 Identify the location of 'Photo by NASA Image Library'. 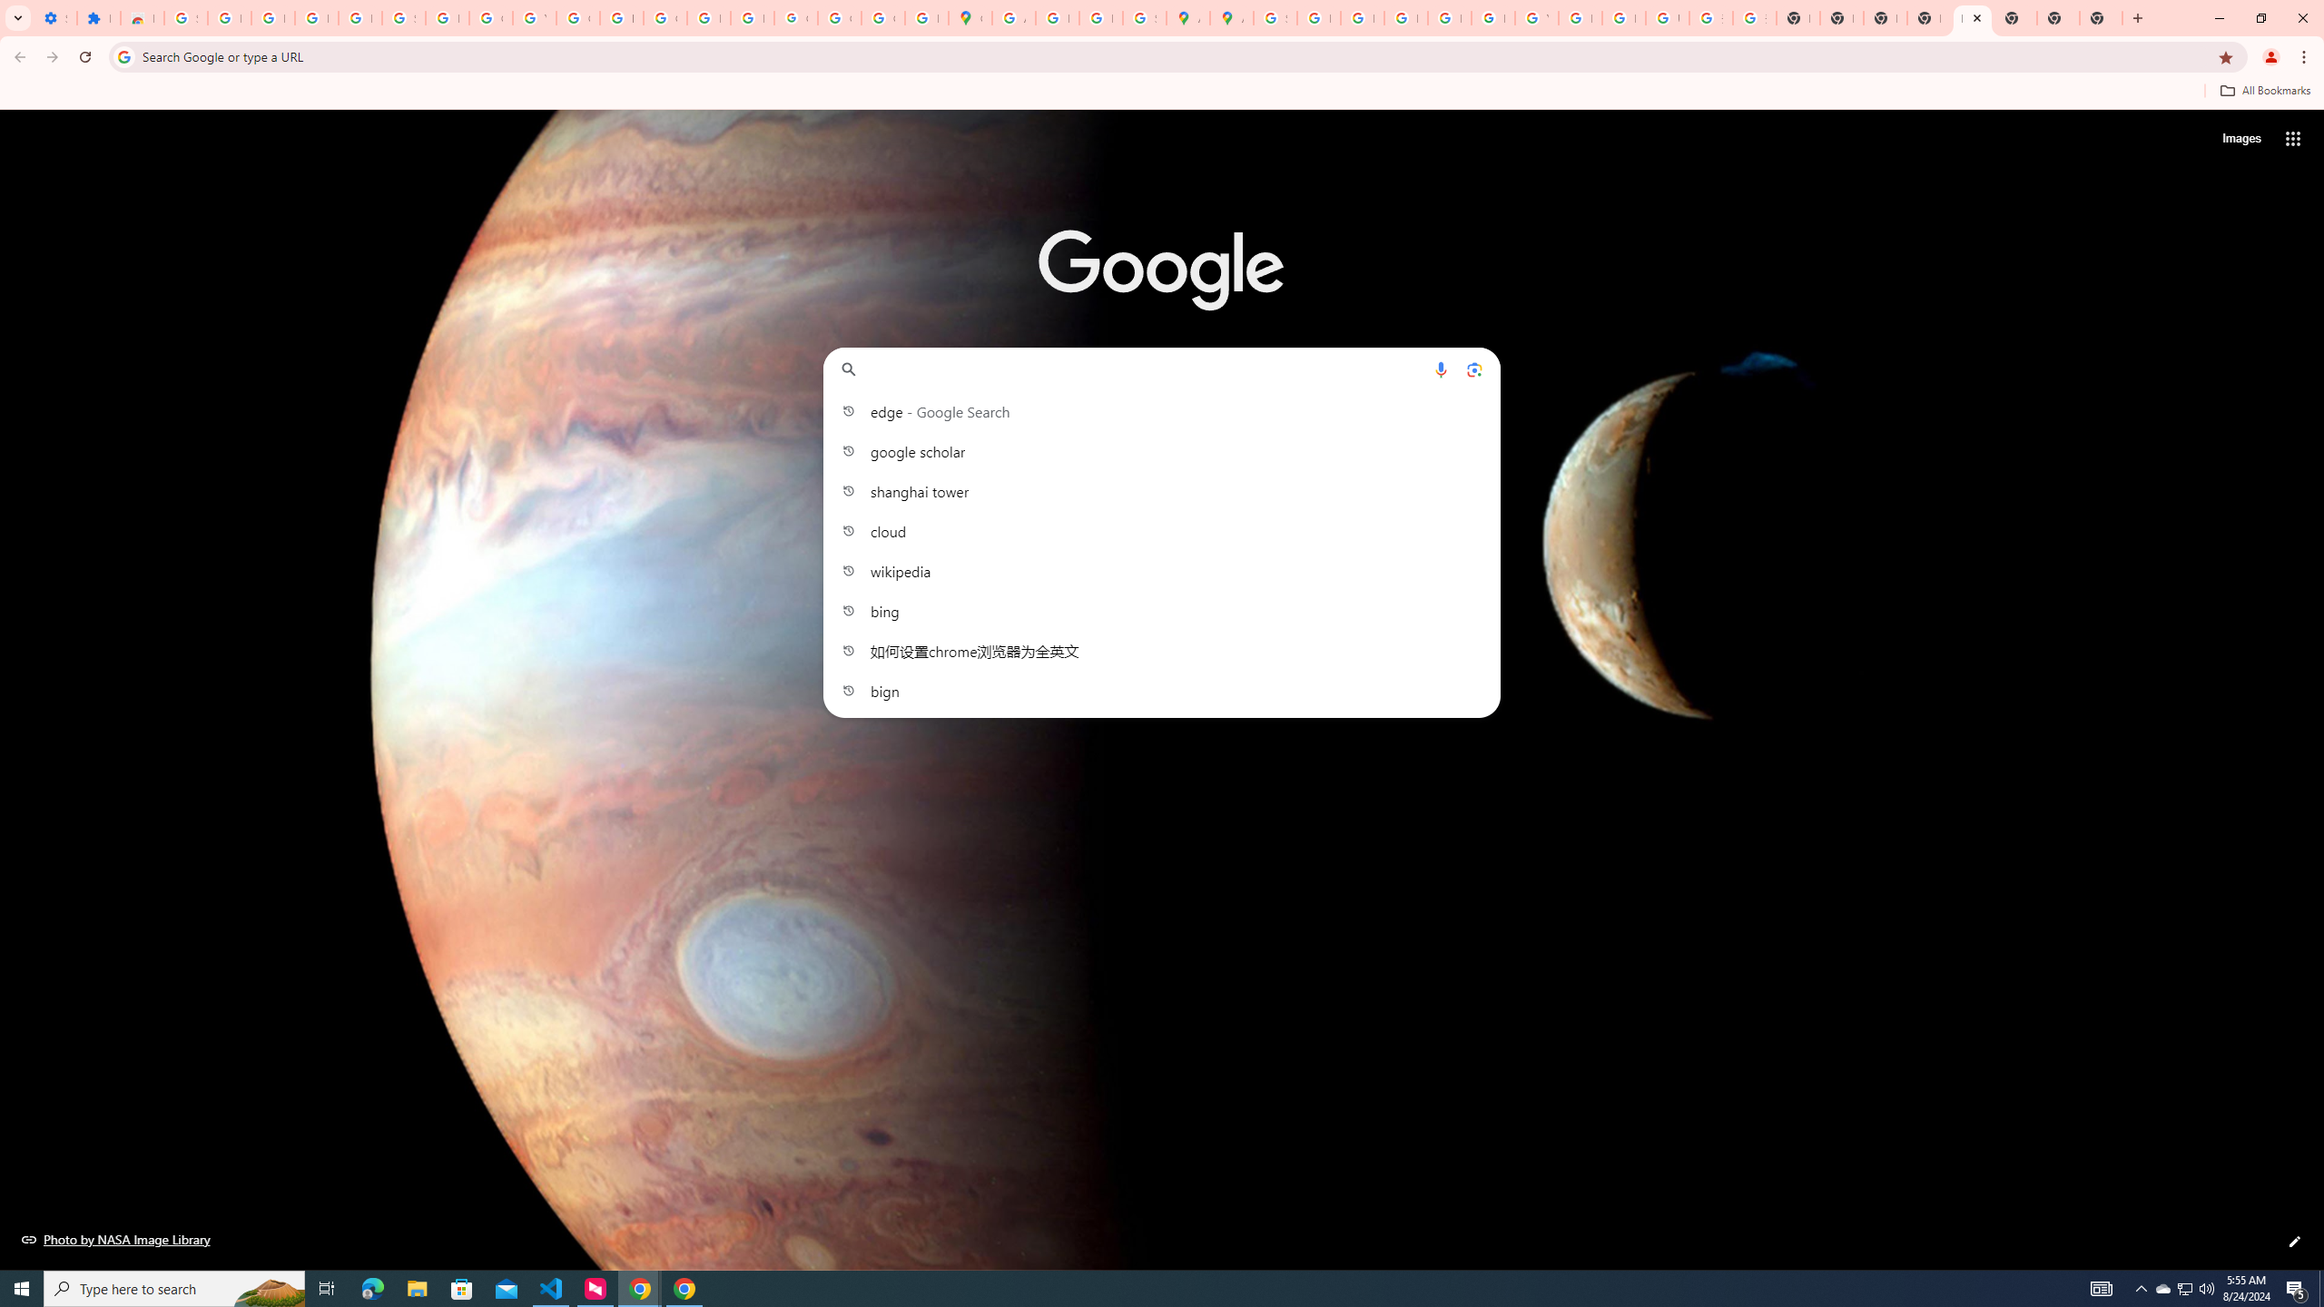
(115, 1238).